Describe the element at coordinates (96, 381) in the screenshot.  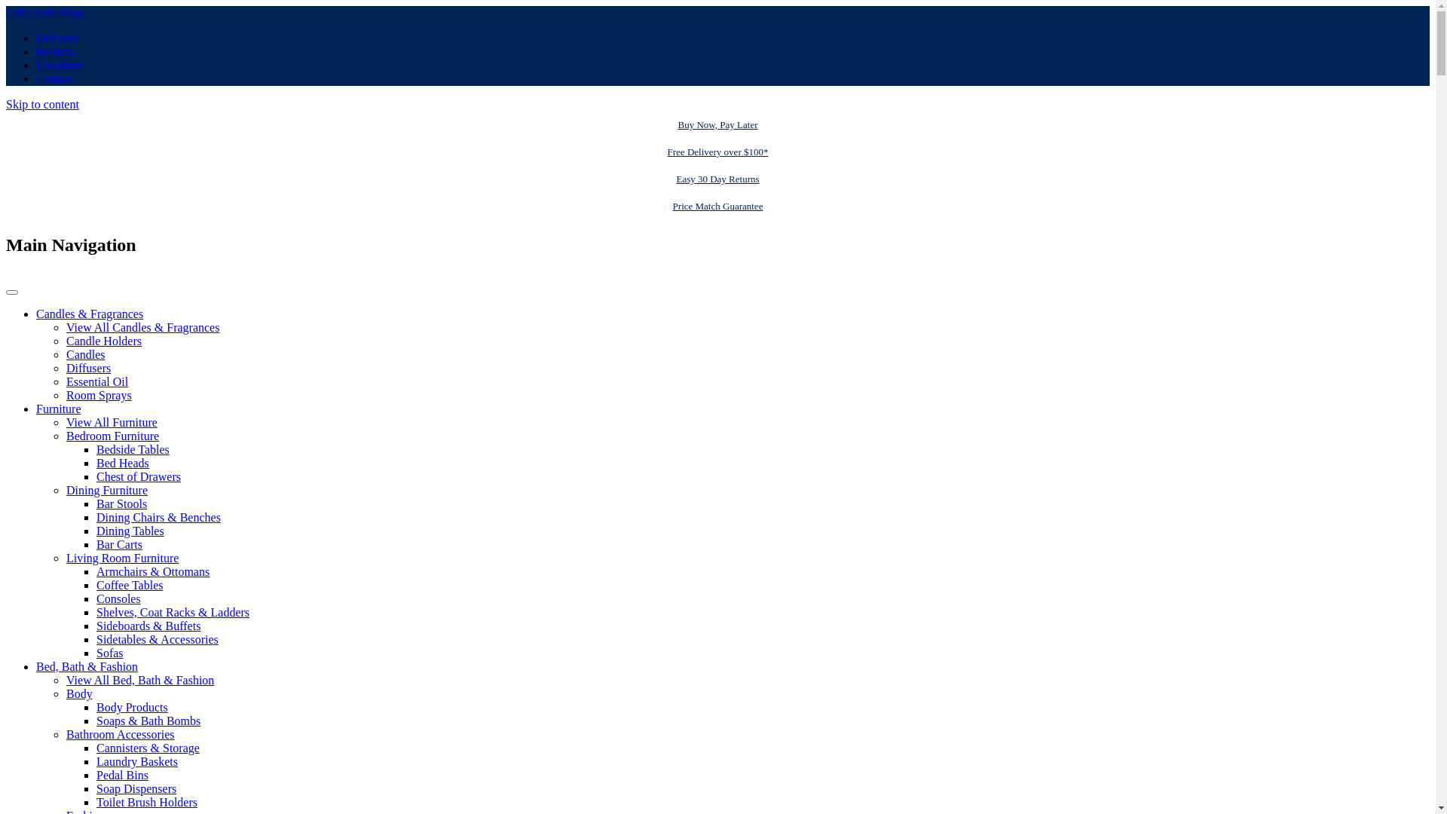
I see `'Essential Oil'` at that location.